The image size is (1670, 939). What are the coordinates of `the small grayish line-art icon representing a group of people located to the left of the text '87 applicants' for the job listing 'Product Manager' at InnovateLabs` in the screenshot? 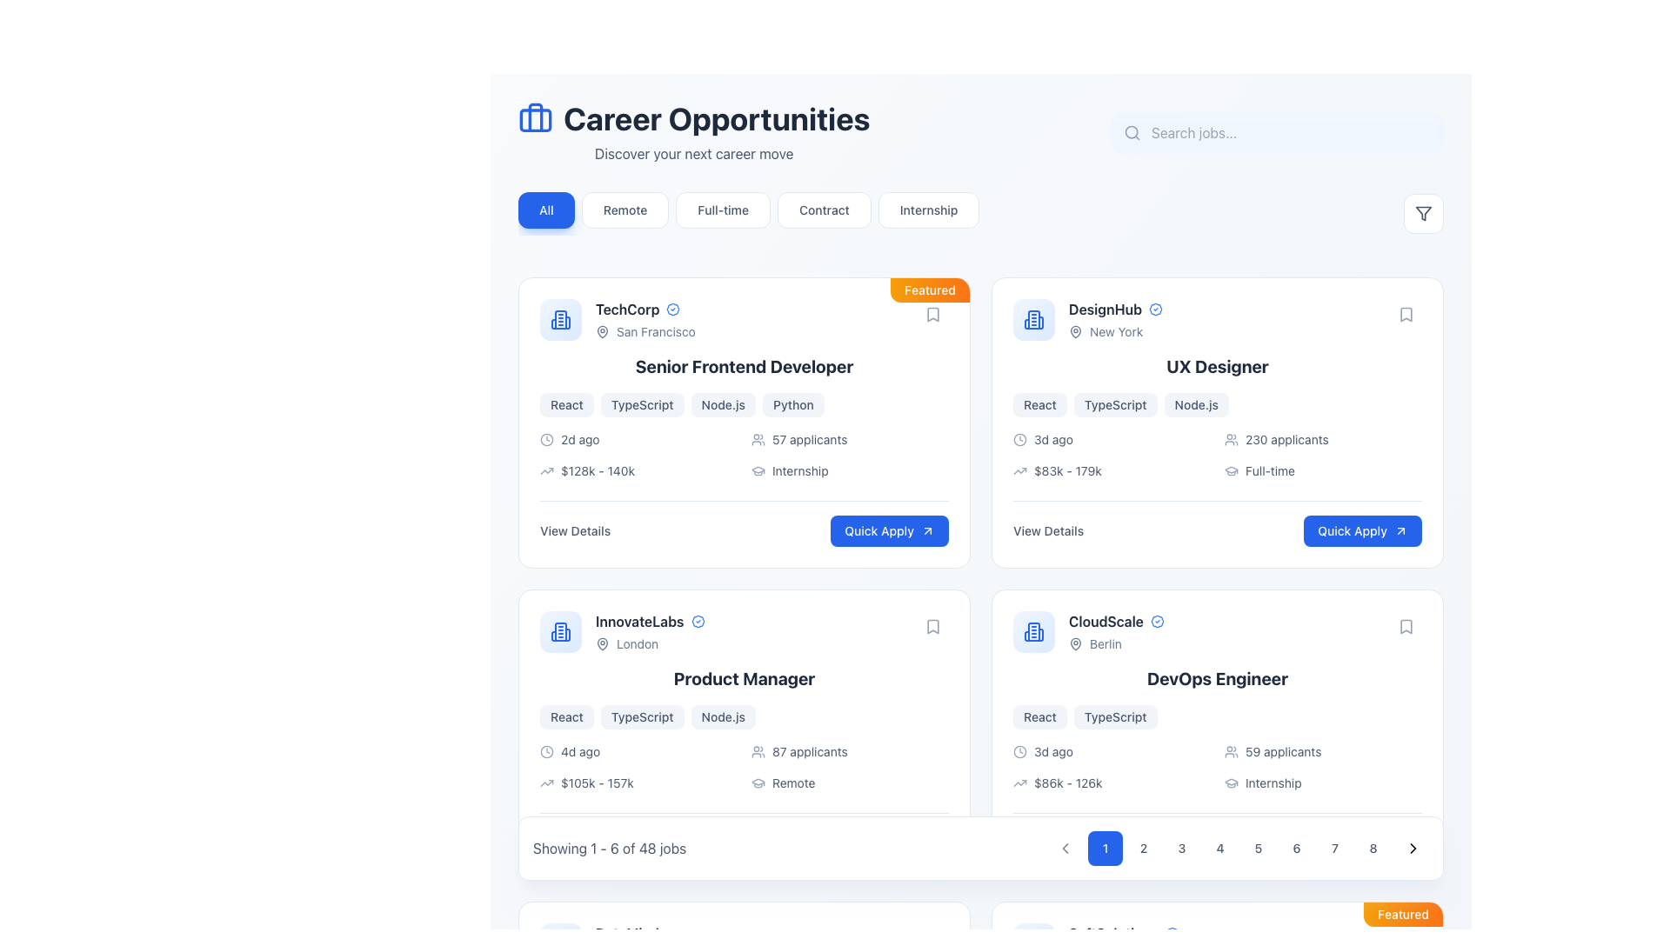 It's located at (758, 750).